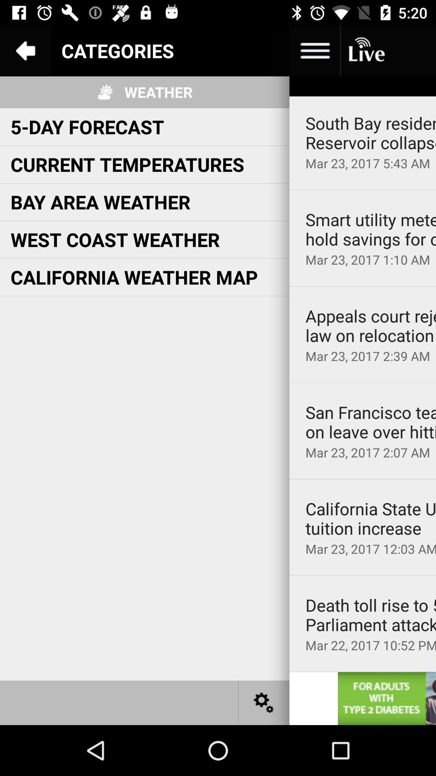 The height and width of the screenshot is (776, 436). Describe the element at coordinates (314, 50) in the screenshot. I see `open more options` at that location.